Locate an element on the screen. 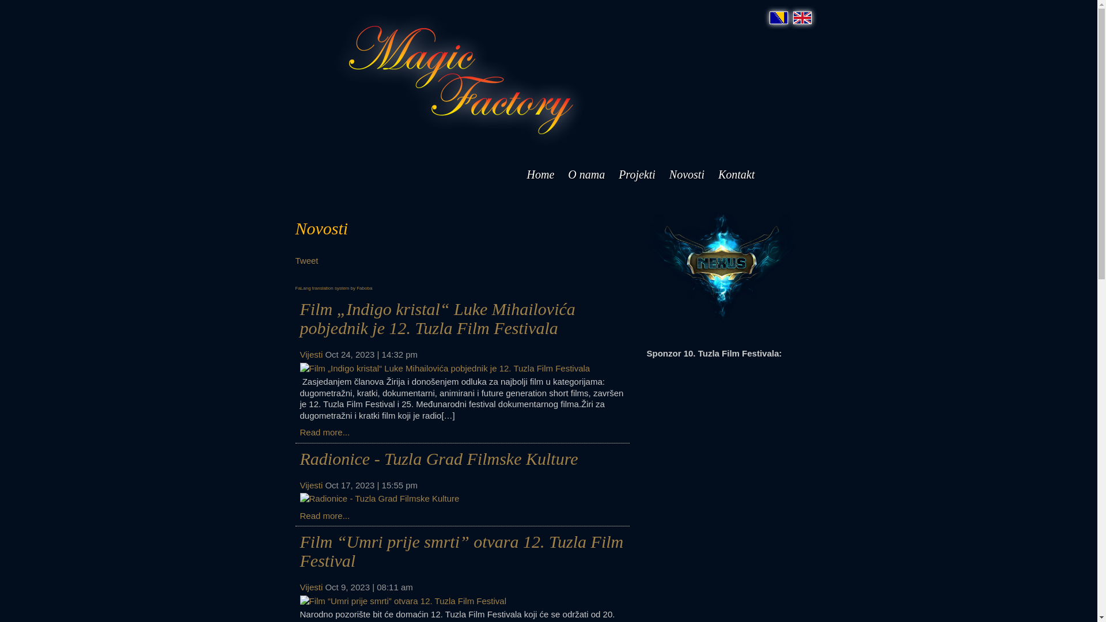 The width and height of the screenshot is (1106, 622). 'Vijesti' is located at coordinates (310, 587).